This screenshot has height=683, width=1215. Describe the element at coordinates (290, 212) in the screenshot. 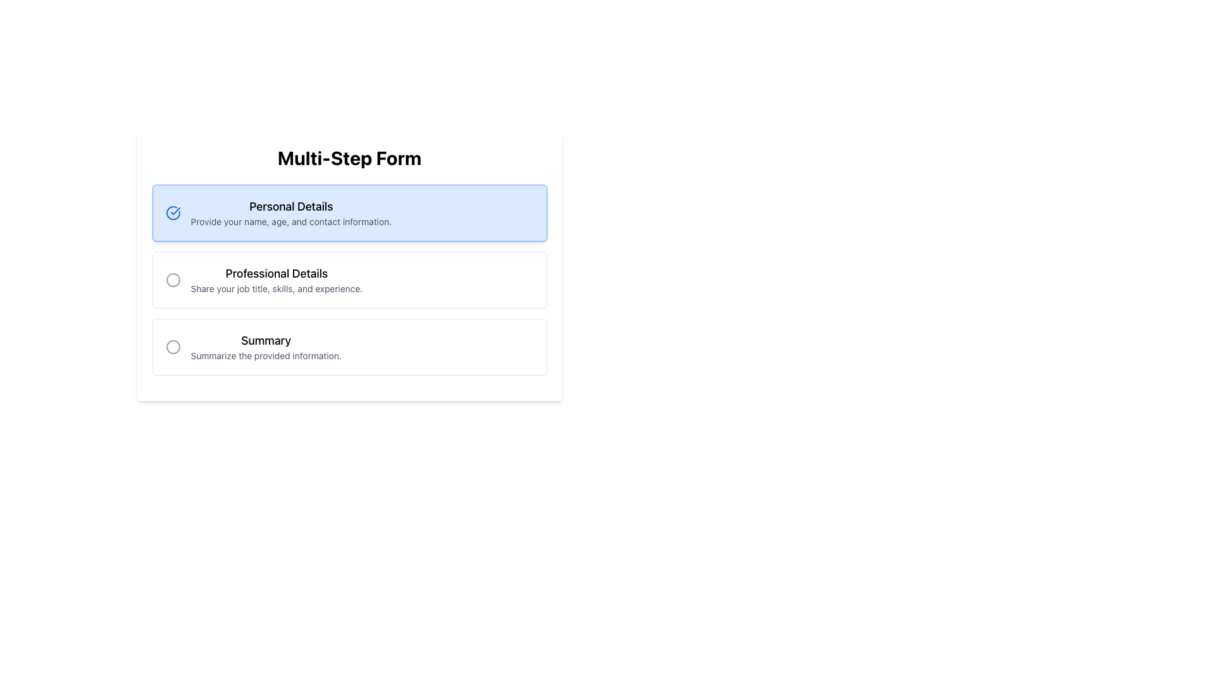

I see `the informational text block labeled 'Personal Details'` at that location.